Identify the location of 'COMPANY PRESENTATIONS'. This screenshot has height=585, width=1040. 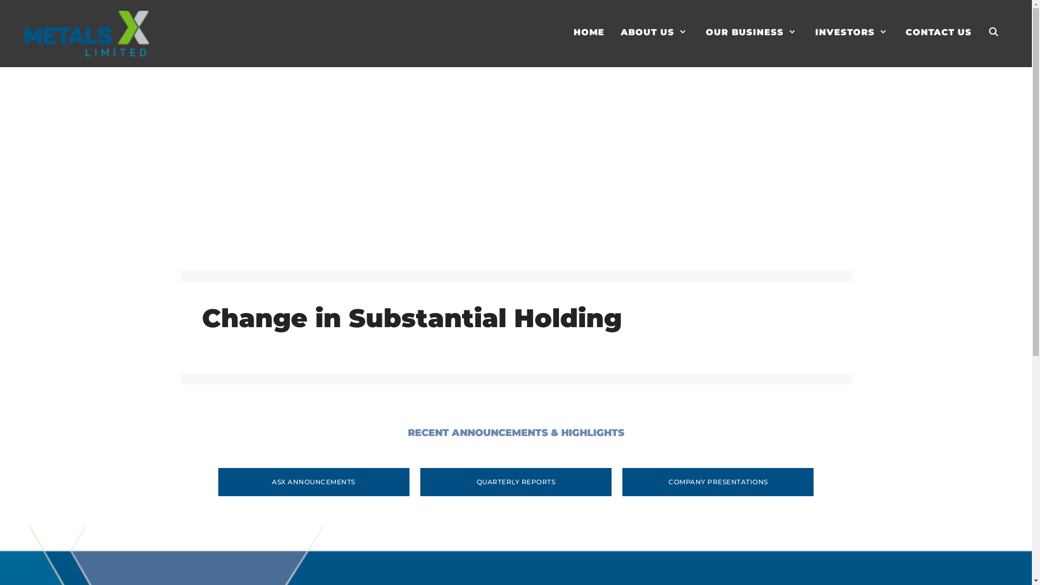
(622, 482).